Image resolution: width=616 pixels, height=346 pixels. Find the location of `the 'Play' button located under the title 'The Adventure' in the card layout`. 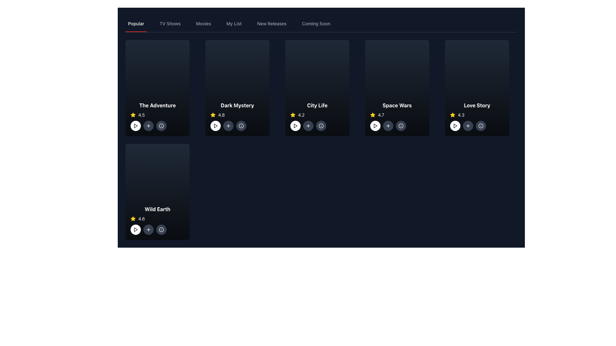

the 'Play' button located under the title 'The Adventure' in the card layout is located at coordinates (135, 126).